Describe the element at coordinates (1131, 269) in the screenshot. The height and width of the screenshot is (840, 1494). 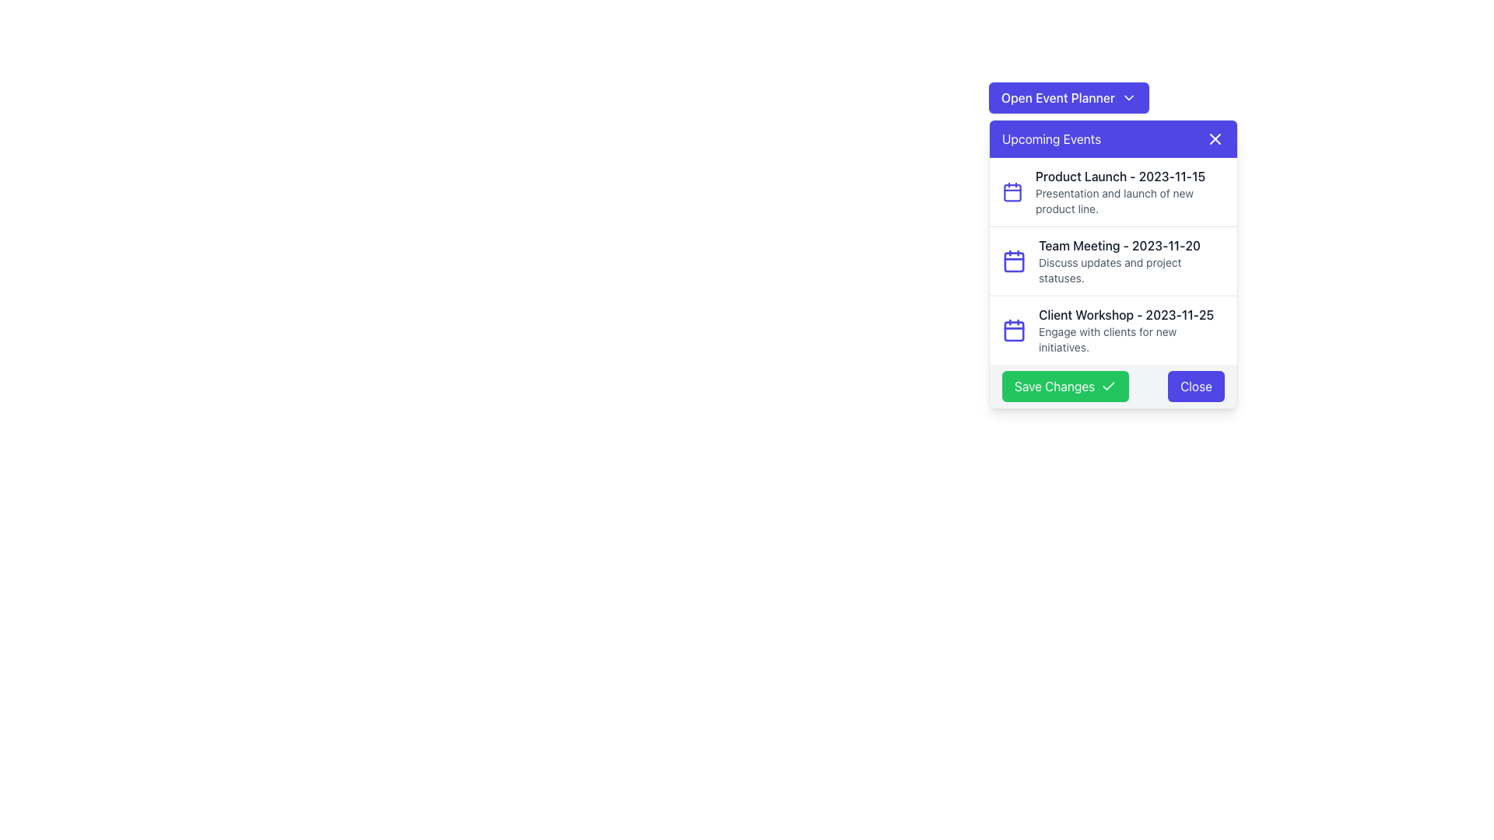
I see `the informational text label providing details about the 'Team Meeting - 2023-11-20' event, which is located below the bold title and between two other events in the vertical list` at that location.